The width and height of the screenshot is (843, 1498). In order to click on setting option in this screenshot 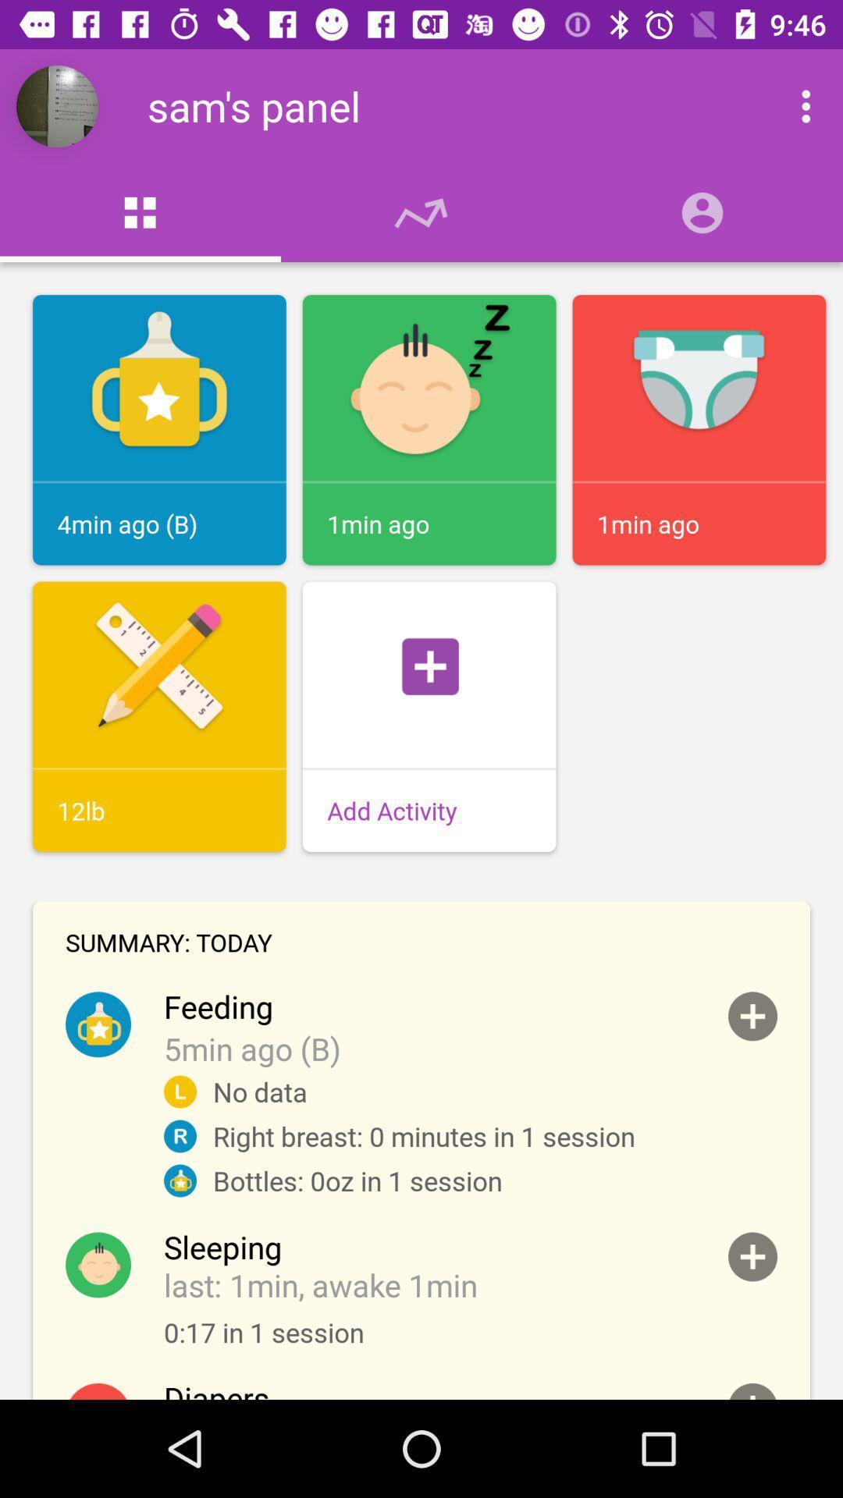, I will do `click(789, 105)`.